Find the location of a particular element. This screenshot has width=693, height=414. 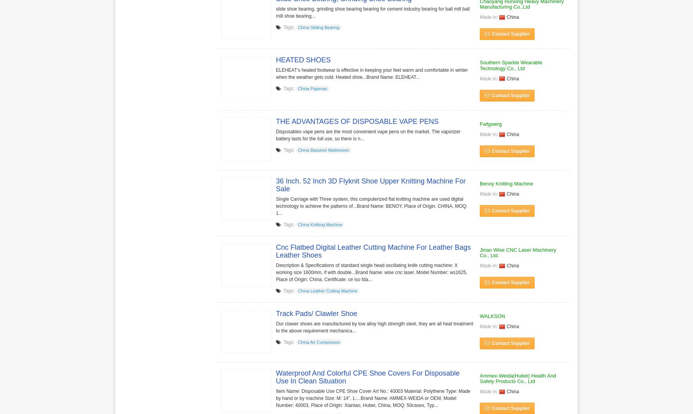

'36 Inch. 52 Inch 3D Flyknit Shoe Upper Knitting Machine For Sale' is located at coordinates (276, 184).